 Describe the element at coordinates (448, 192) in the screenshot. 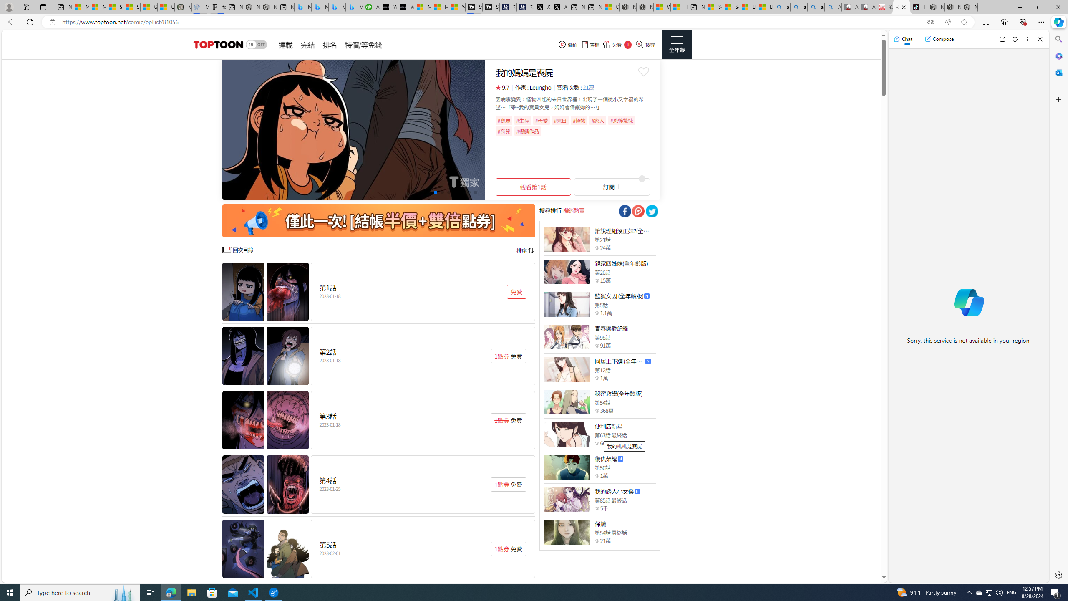

I see `'Go to slide 6'` at that location.